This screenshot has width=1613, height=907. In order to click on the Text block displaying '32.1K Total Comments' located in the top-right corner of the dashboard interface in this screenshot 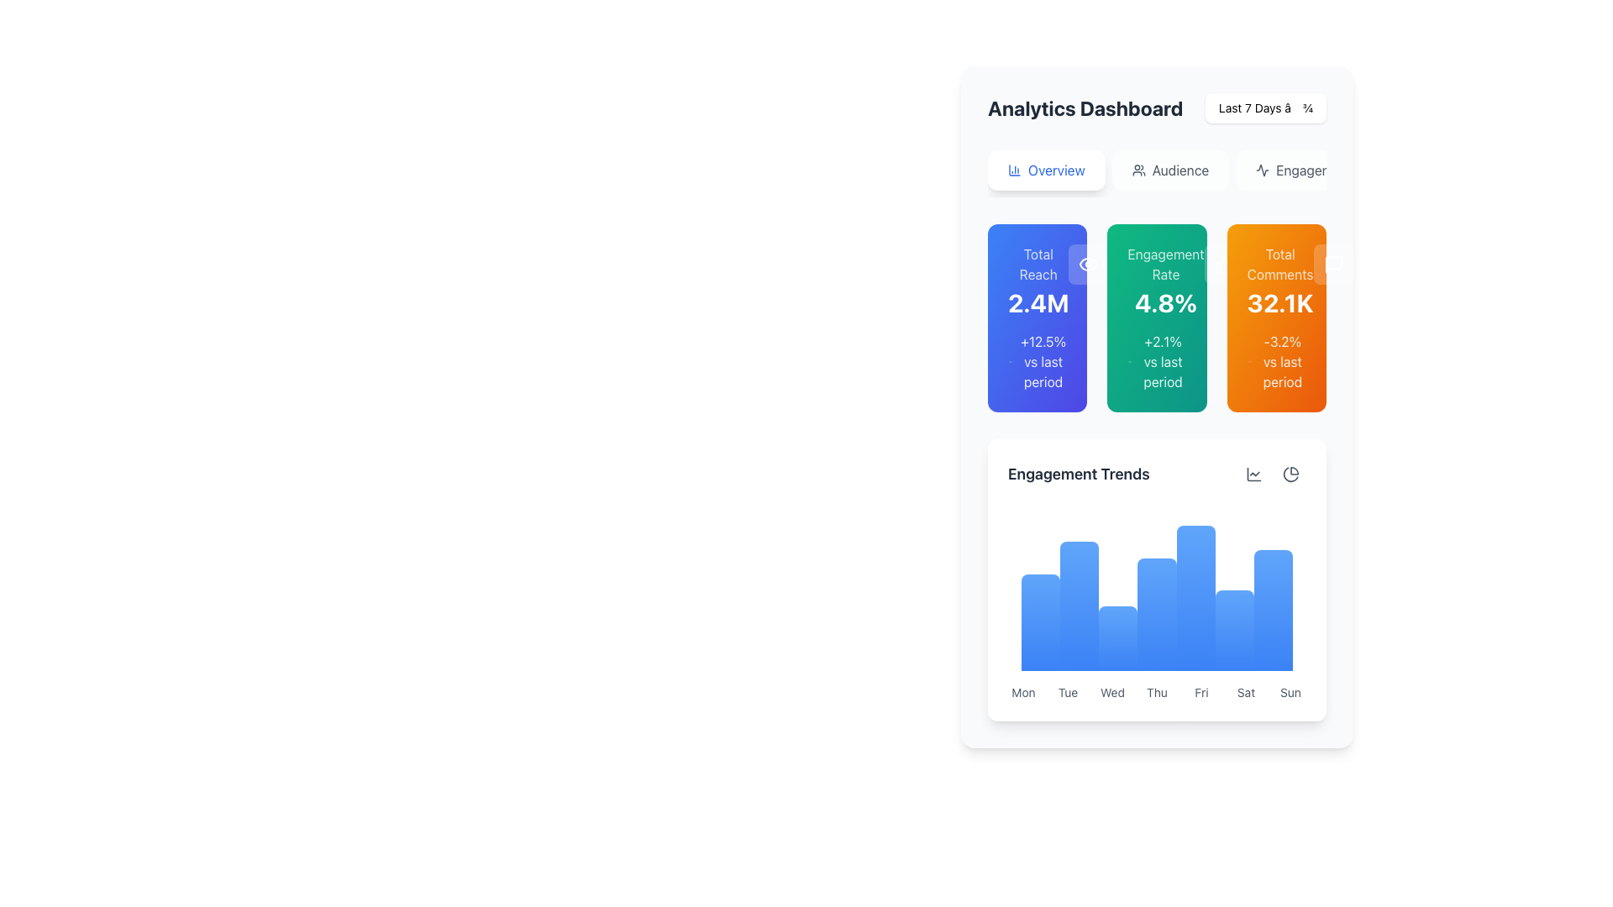, I will do `click(1276, 280)`.